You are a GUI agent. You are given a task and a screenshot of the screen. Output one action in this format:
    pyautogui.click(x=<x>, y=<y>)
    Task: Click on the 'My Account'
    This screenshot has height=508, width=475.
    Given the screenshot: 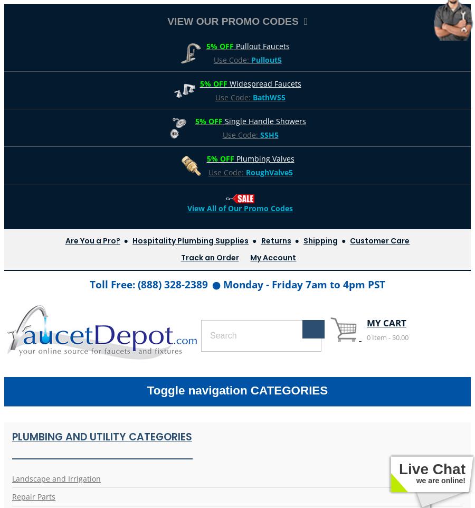 What is the action you would take?
    pyautogui.click(x=272, y=256)
    